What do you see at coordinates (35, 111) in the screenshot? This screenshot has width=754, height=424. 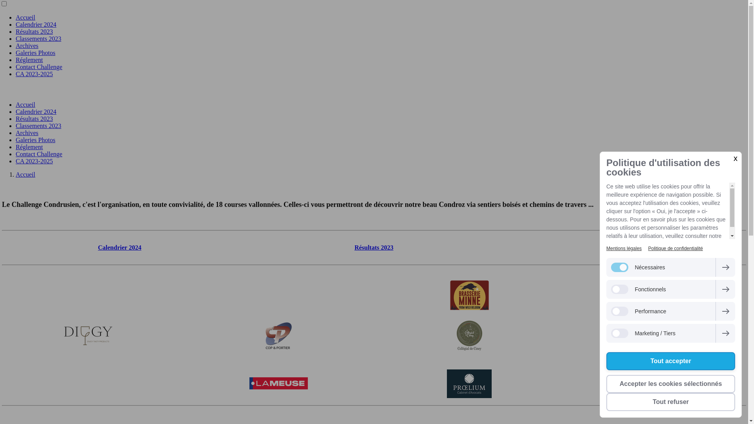 I see `'Calendrier 2024'` at bounding box center [35, 111].